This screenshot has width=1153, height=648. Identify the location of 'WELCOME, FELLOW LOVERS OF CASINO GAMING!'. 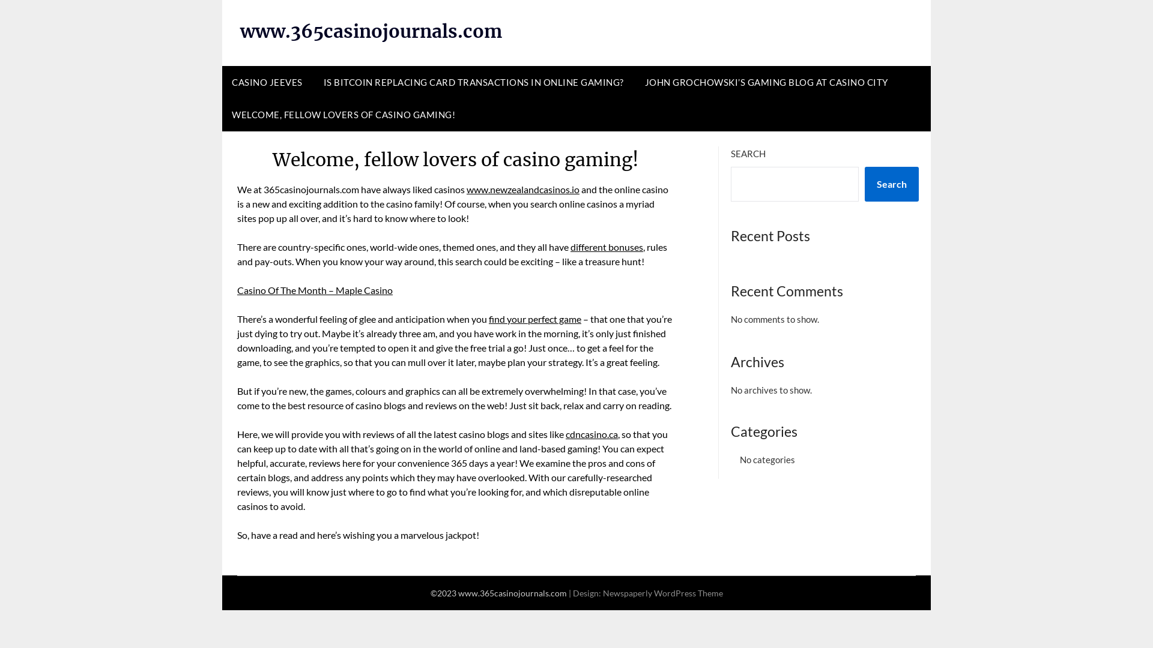
(342, 115).